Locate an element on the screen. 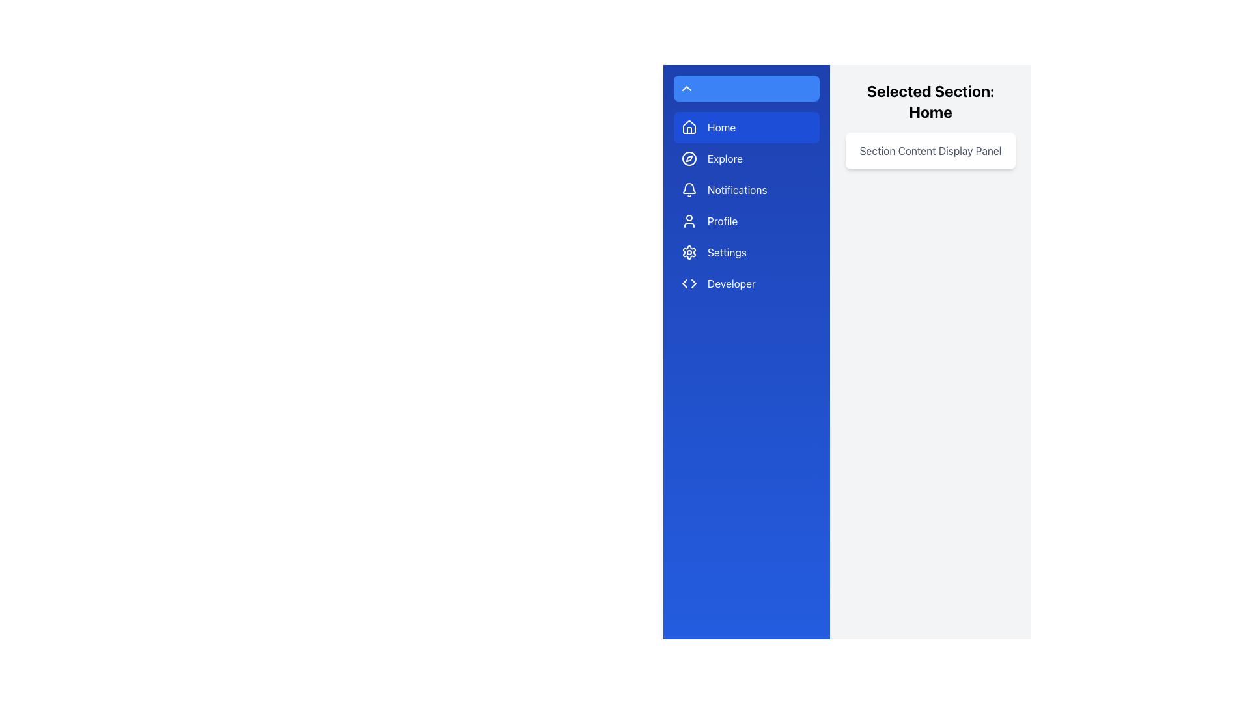 The width and height of the screenshot is (1250, 703). the cogwheel icon in the vertical sidebar menu is located at coordinates (689, 253).